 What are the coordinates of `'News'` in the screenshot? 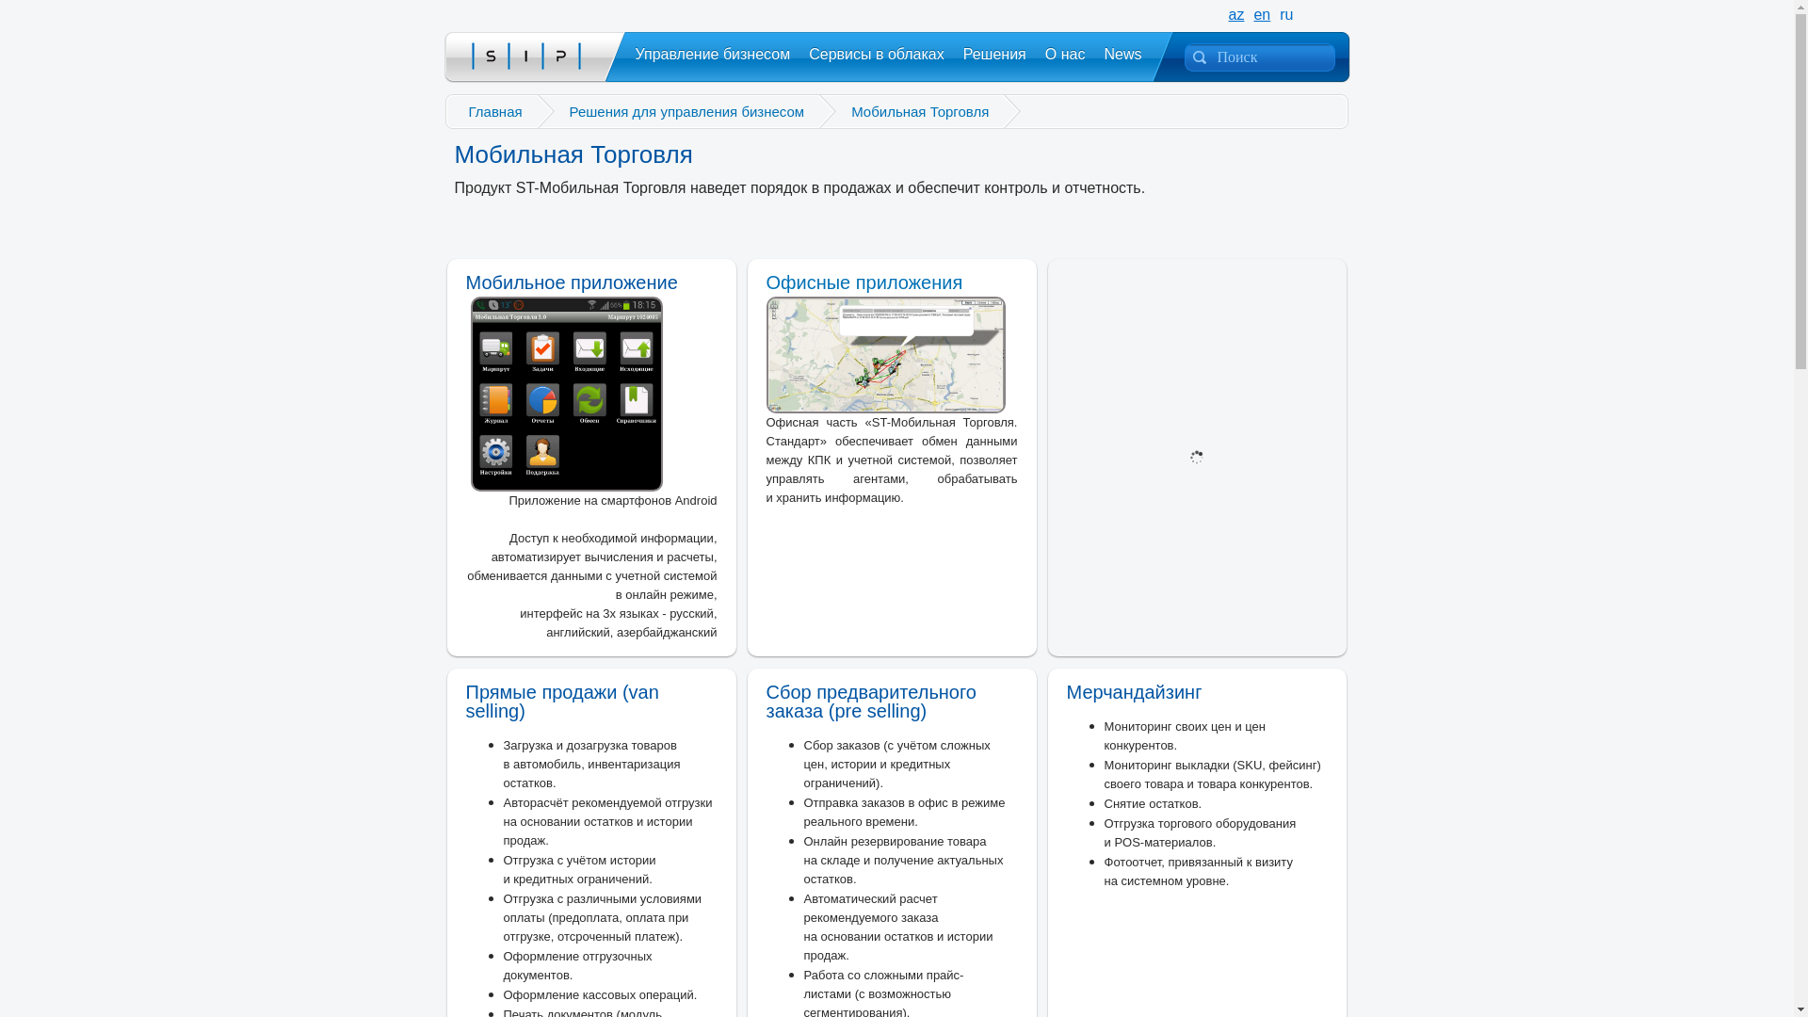 It's located at (1122, 53).